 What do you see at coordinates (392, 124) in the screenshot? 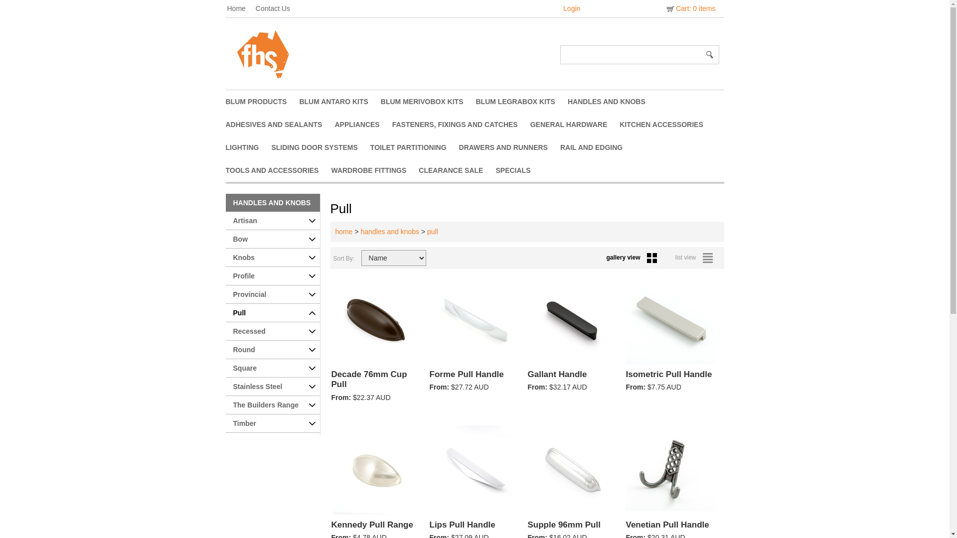
I see `'FASTENERS, FIXINGS AND CATCHES'` at bounding box center [392, 124].